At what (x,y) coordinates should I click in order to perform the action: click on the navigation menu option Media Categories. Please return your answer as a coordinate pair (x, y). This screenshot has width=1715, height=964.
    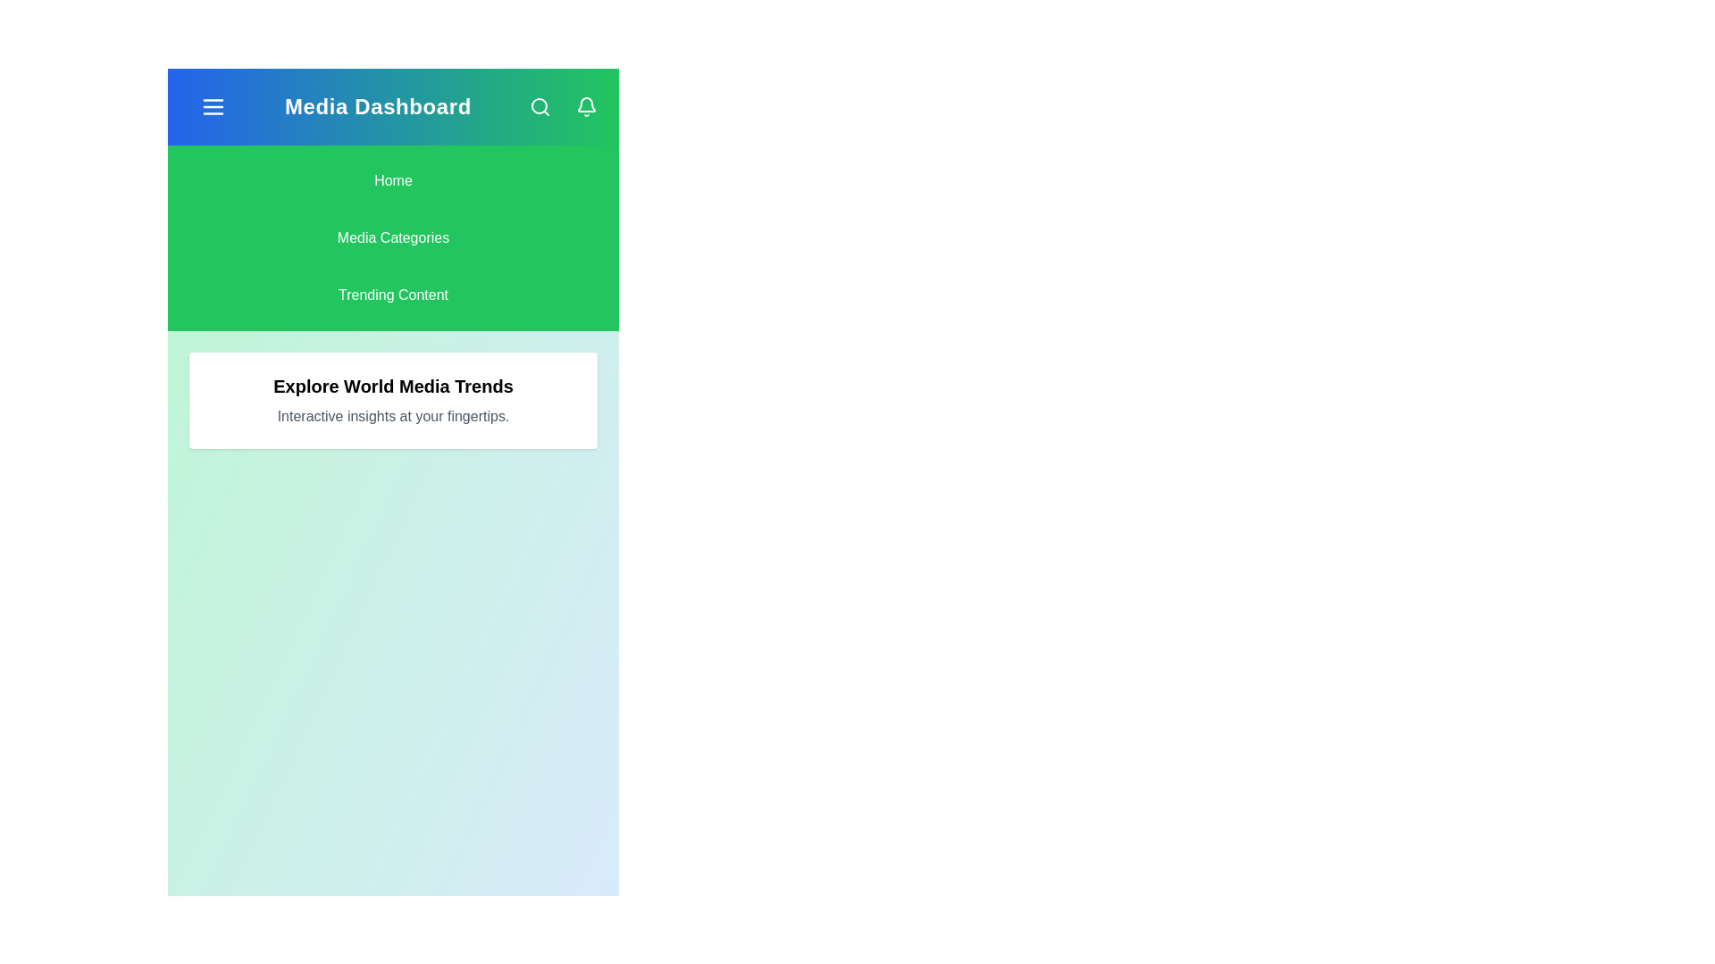
    Looking at the image, I should click on (392, 237).